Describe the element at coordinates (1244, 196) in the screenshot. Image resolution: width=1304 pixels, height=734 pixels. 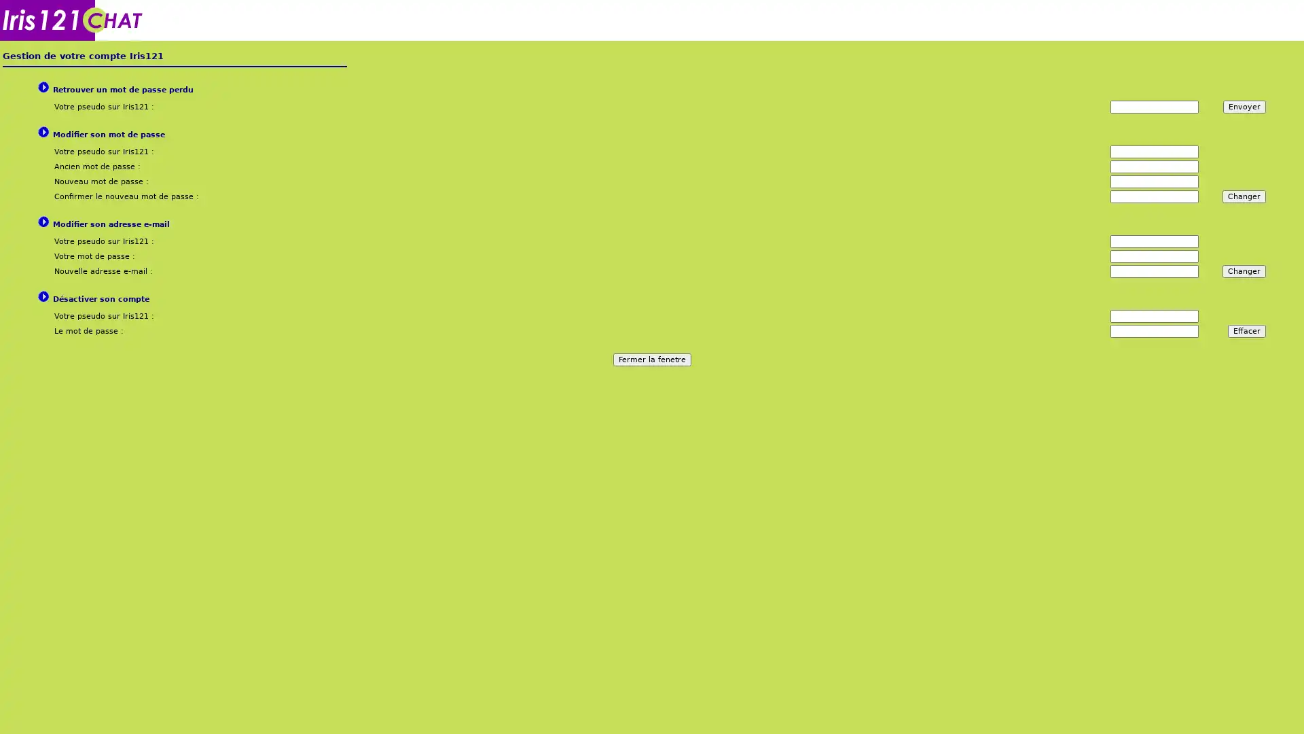
I see `Changer` at that location.